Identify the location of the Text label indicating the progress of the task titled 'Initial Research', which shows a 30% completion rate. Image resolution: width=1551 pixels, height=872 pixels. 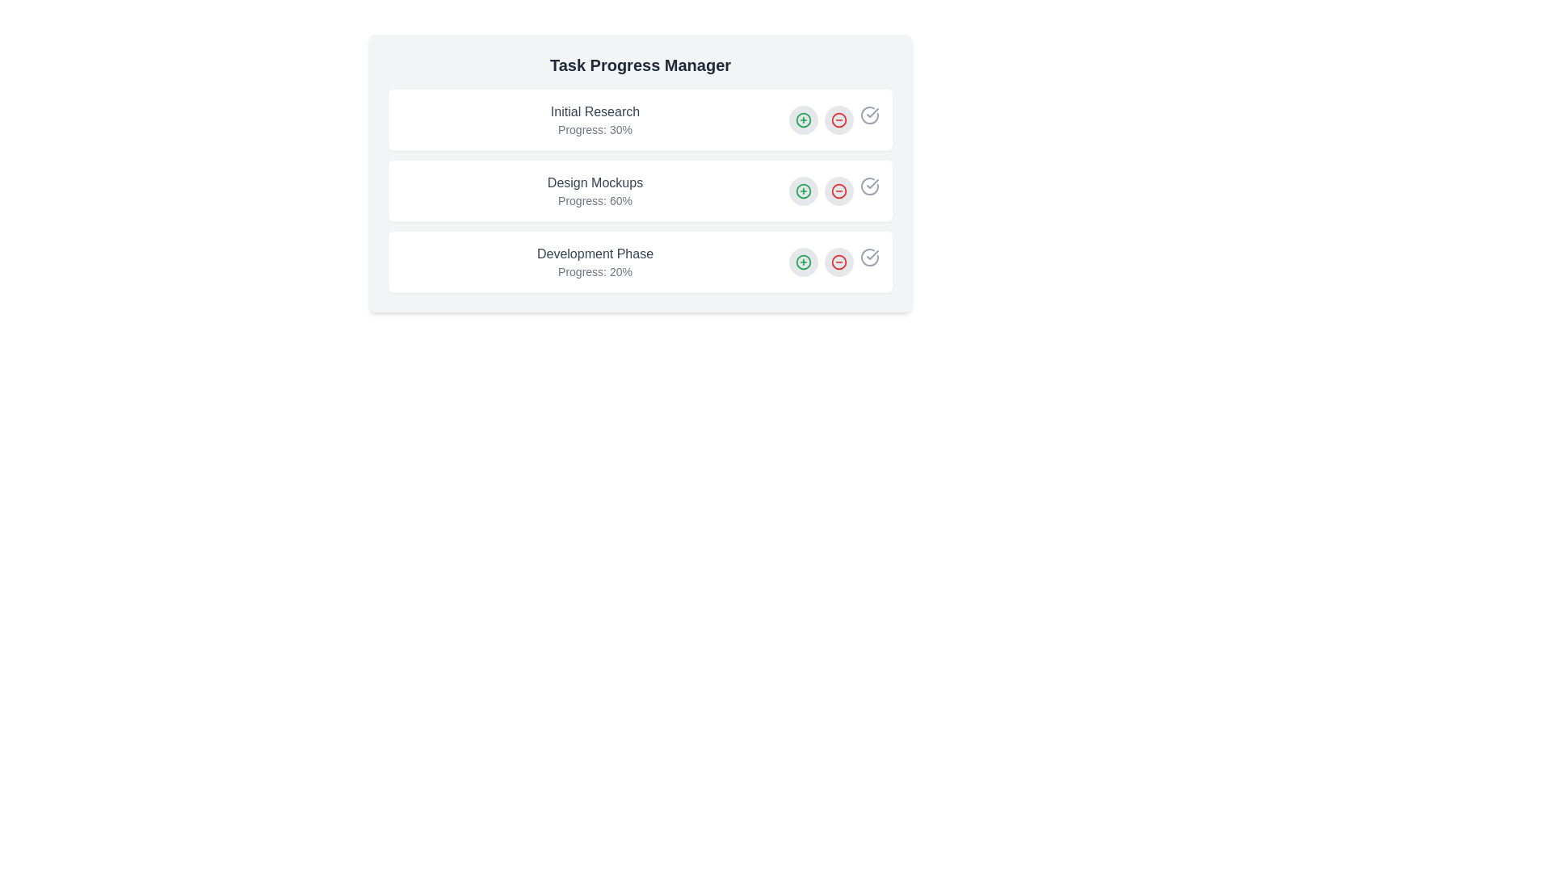
(595, 129).